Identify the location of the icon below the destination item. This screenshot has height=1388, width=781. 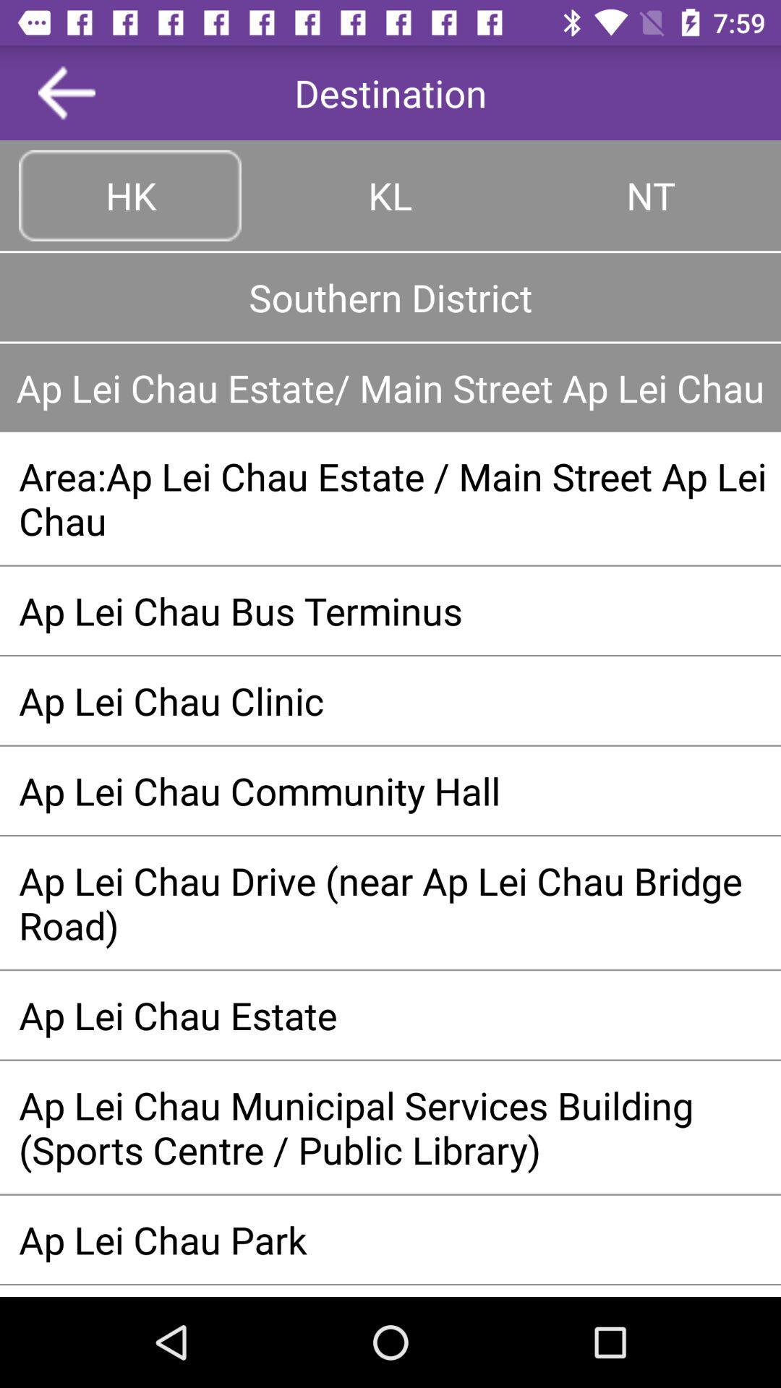
(390, 194).